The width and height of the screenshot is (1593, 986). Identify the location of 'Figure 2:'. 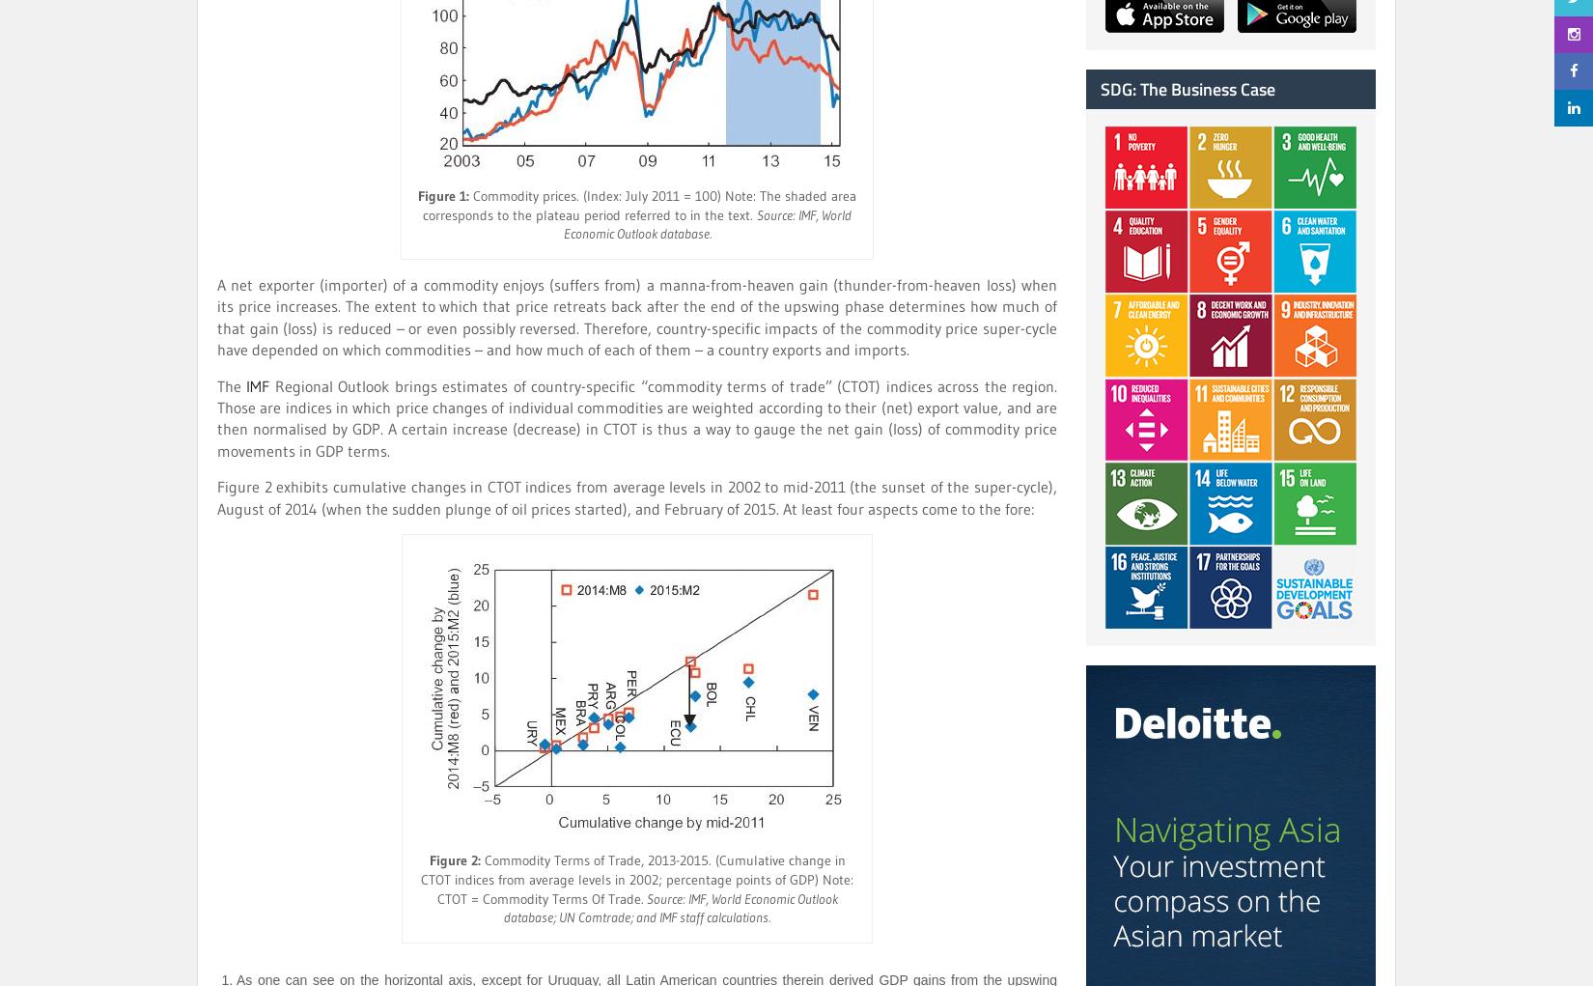
(453, 859).